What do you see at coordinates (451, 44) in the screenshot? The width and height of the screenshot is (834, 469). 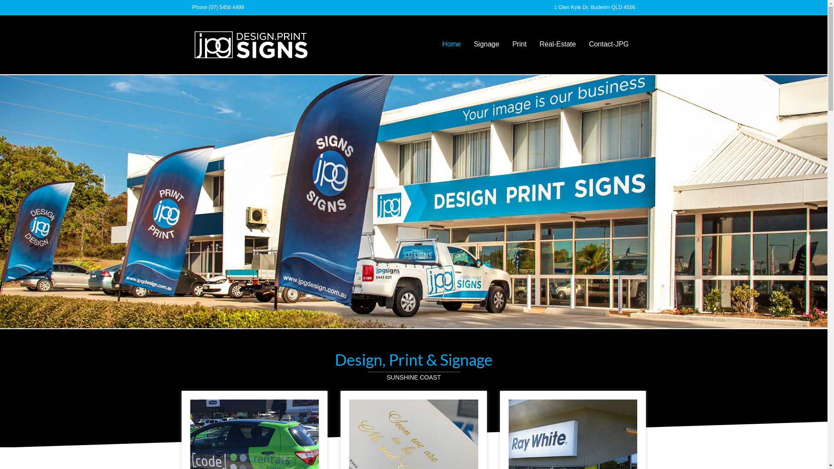 I see `'Home'` at bounding box center [451, 44].